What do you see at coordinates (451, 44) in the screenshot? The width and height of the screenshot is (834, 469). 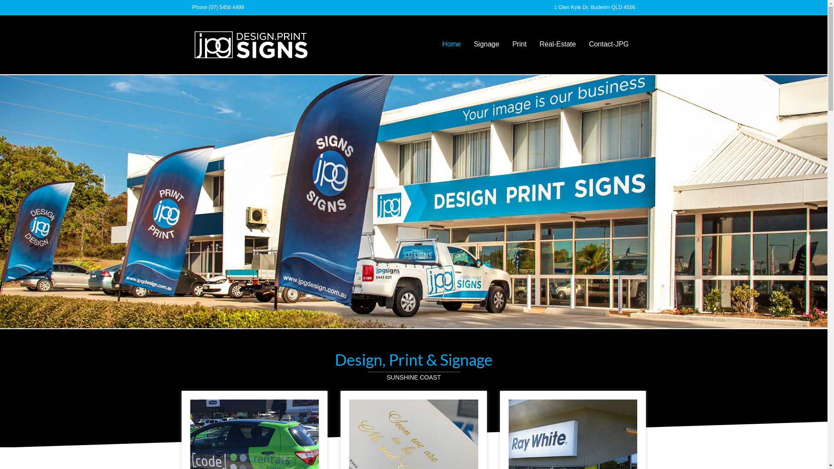 I see `'Home'` at bounding box center [451, 44].